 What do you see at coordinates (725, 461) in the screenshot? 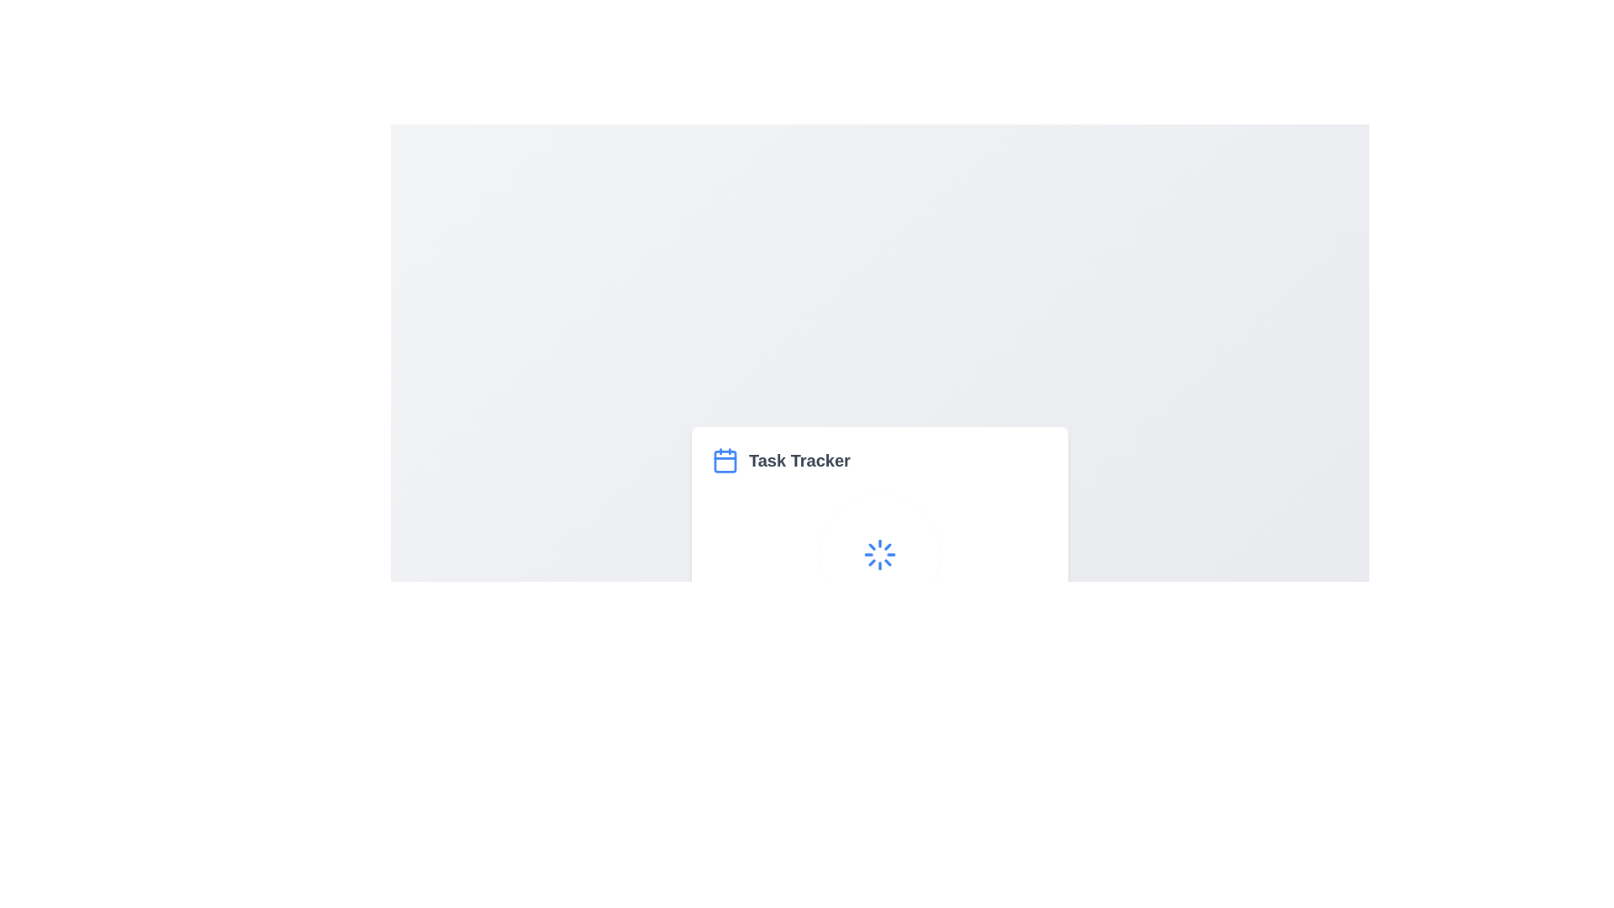
I see `the main body area of the calendar icon by moving the cursor to its center point` at bounding box center [725, 461].